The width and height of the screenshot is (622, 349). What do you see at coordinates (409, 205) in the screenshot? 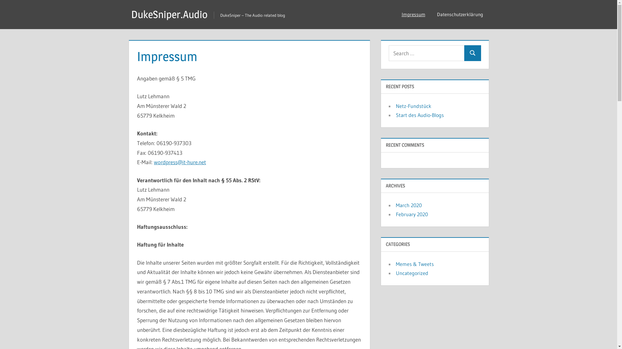
I see `'March 2020'` at bounding box center [409, 205].